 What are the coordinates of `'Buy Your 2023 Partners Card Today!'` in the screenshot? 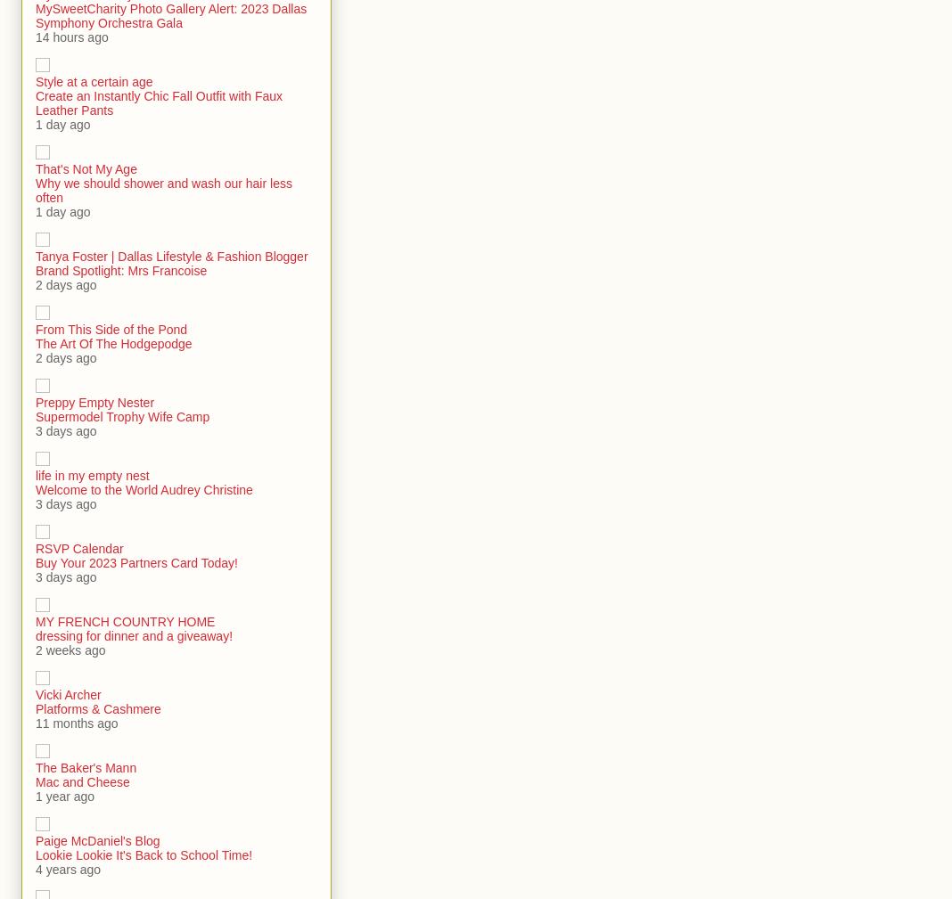 It's located at (136, 563).